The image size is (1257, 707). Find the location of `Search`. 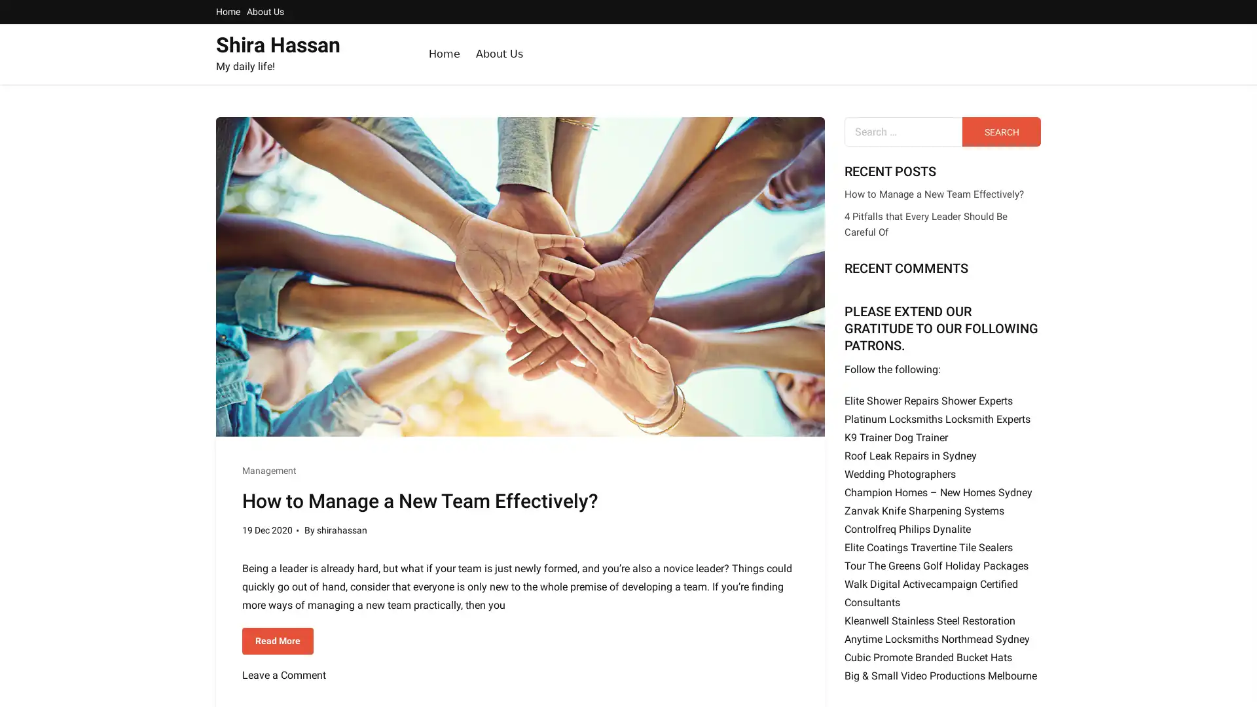

Search is located at coordinates (1001, 132).